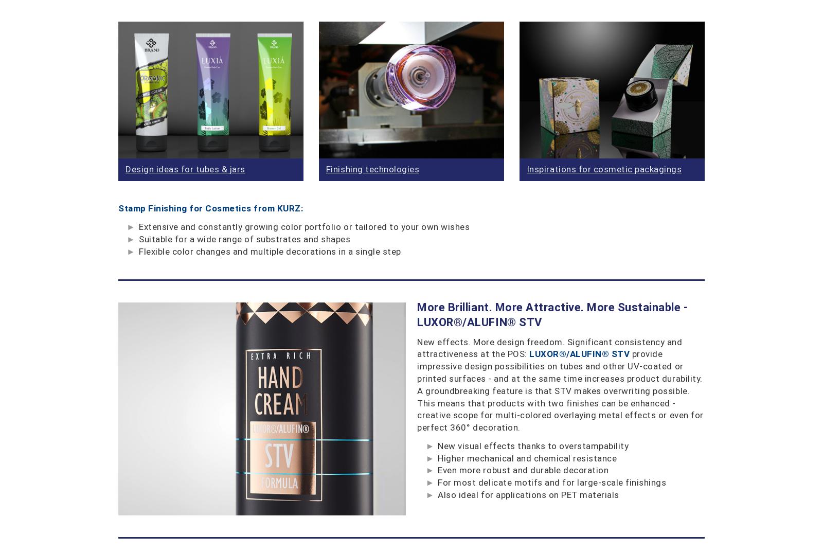 The image size is (823, 553). I want to click on 'Also ideal for applications on PET materials', so click(528, 495).